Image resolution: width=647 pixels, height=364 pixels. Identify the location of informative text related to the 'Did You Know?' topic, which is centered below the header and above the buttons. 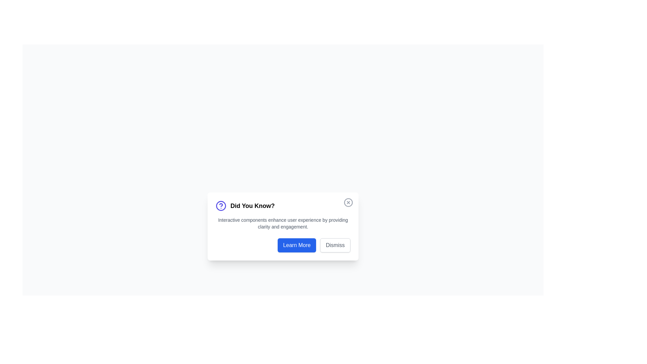
(283, 223).